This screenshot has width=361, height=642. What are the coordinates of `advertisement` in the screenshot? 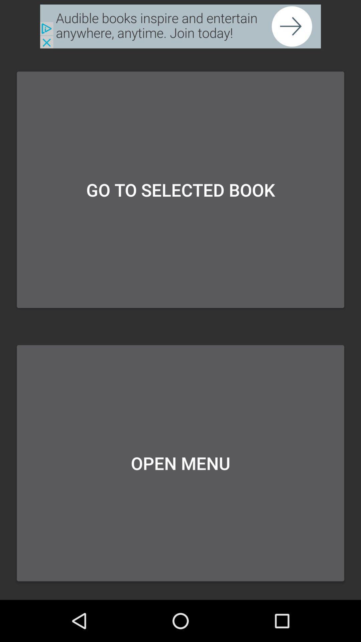 It's located at (180, 26).